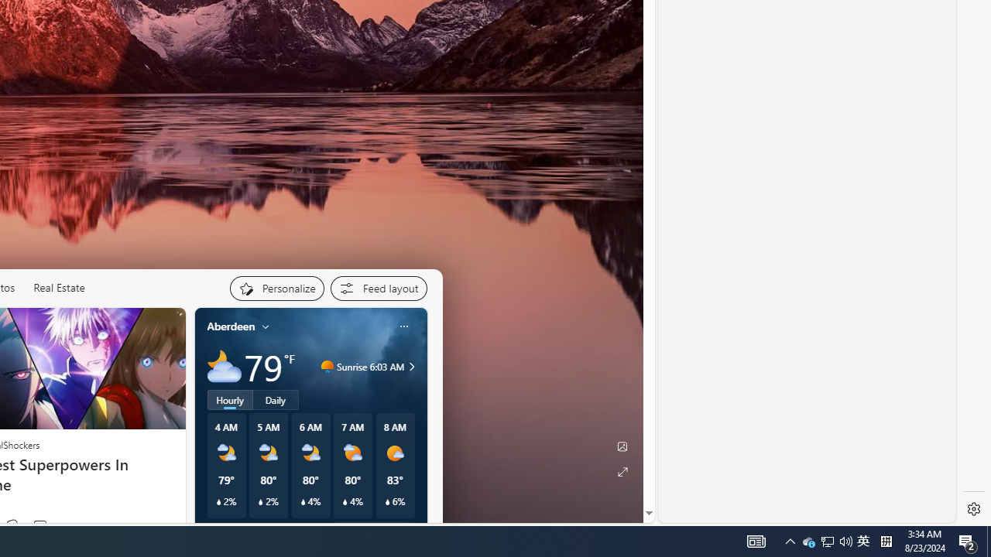  I want to click on 'Mostly cloudy', so click(223, 367).